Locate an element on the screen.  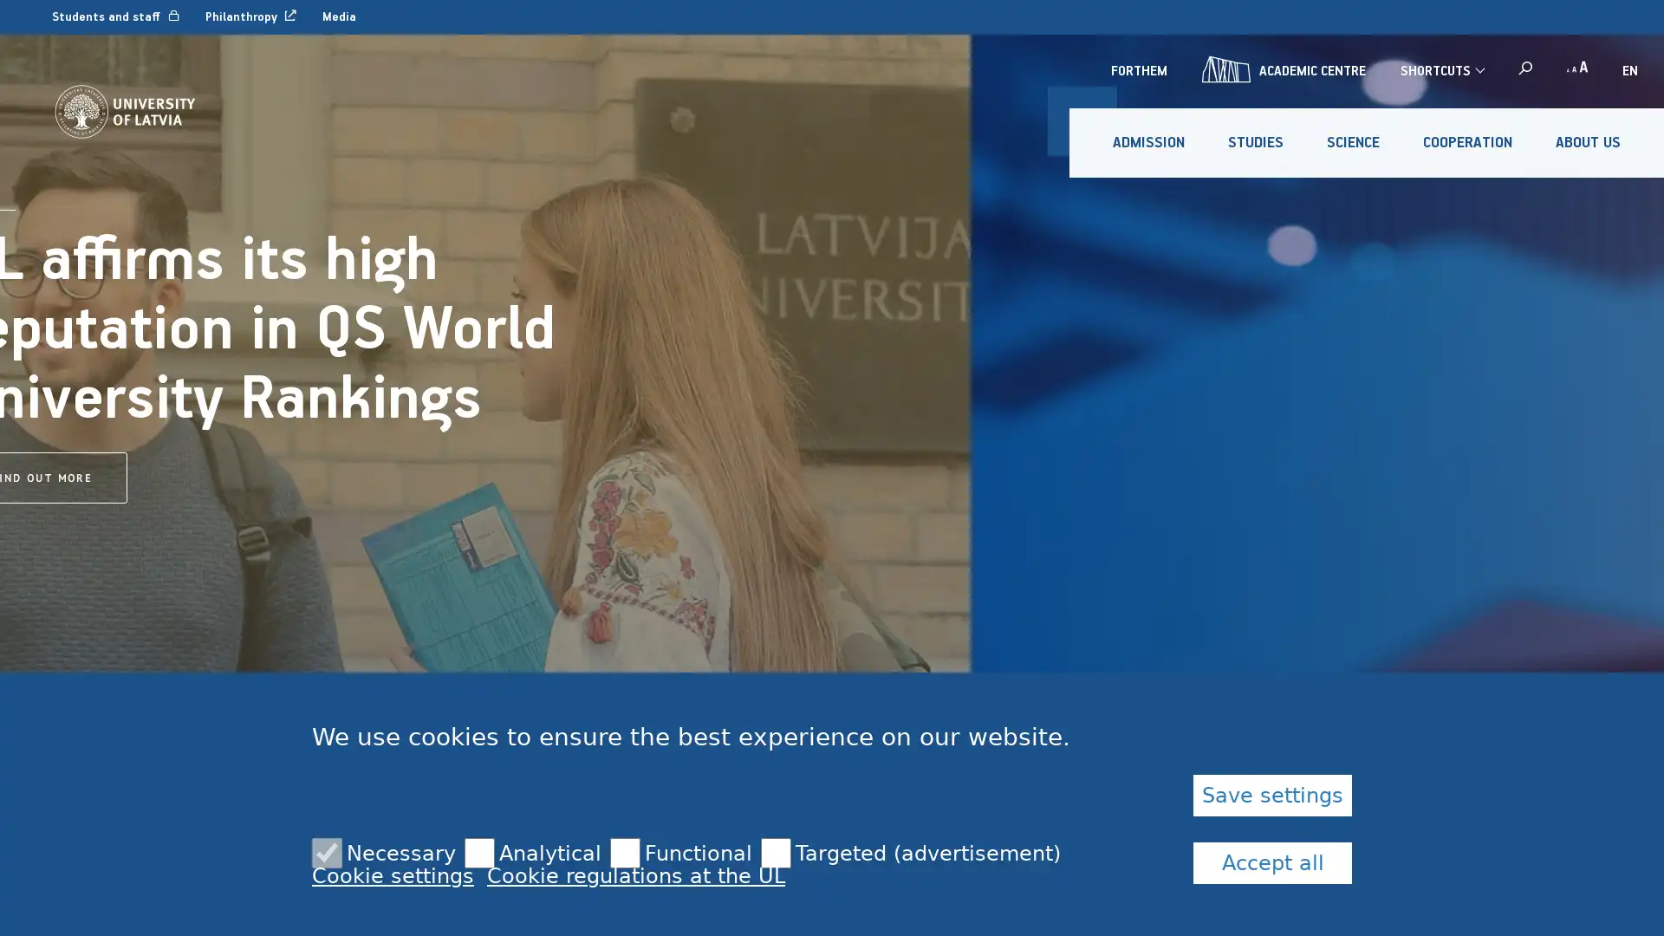
ABOUT US is located at coordinates (1588, 142).